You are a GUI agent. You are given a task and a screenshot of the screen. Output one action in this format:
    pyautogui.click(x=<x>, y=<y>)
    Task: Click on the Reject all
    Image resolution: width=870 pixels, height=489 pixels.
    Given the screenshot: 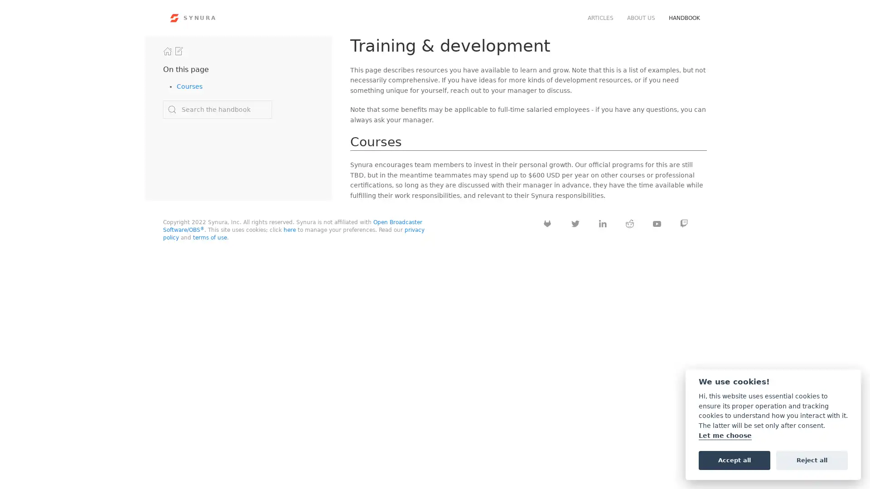 What is the action you would take?
    pyautogui.click(x=812, y=460)
    